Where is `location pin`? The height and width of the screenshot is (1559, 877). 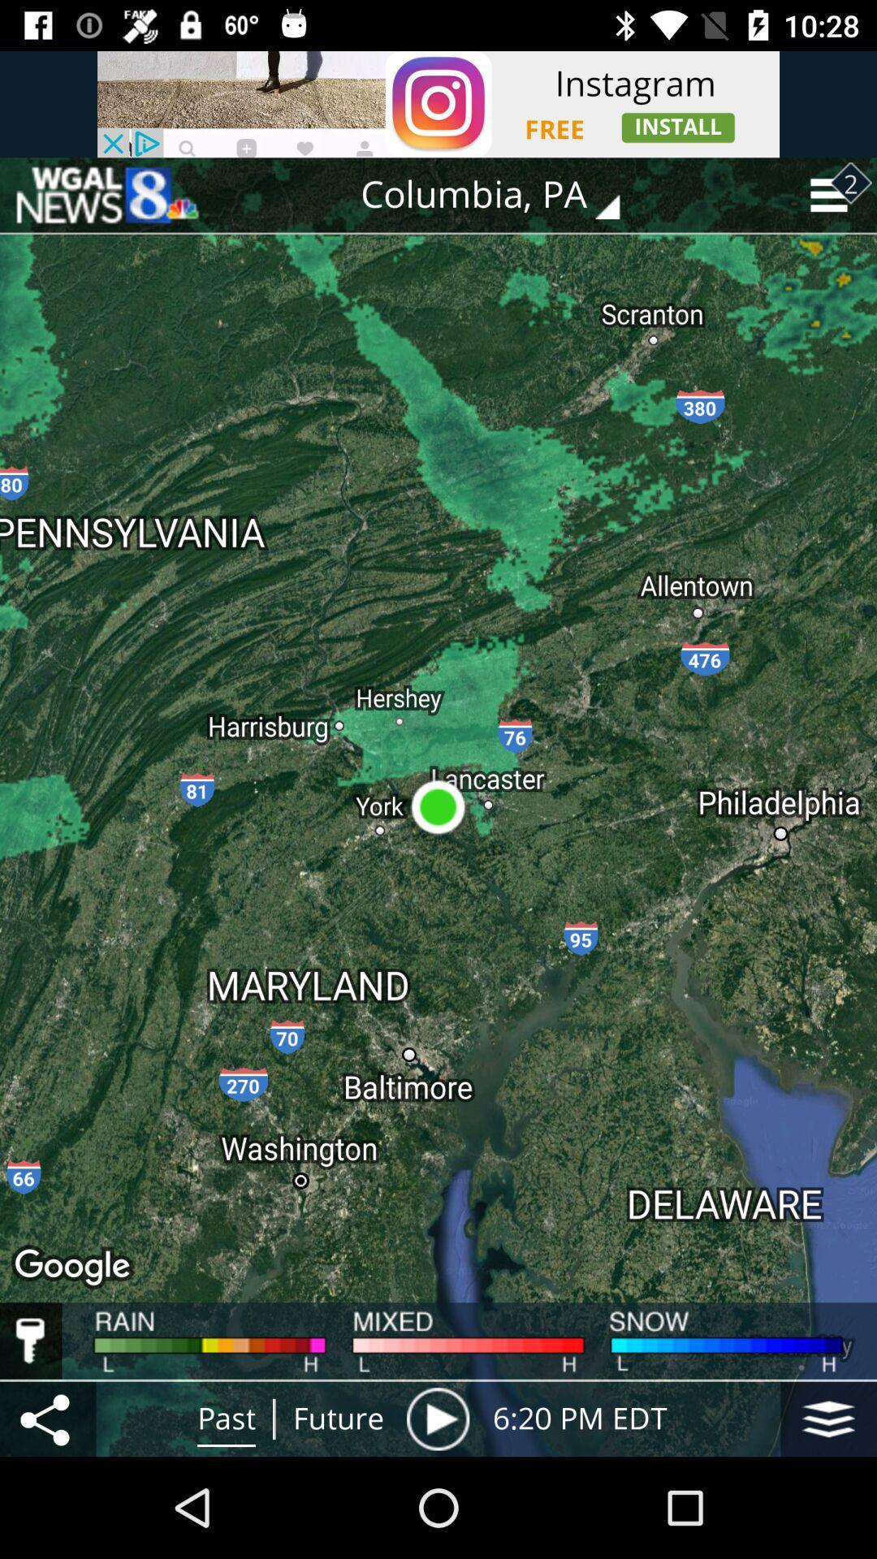
location pin is located at coordinates (437, 1418).